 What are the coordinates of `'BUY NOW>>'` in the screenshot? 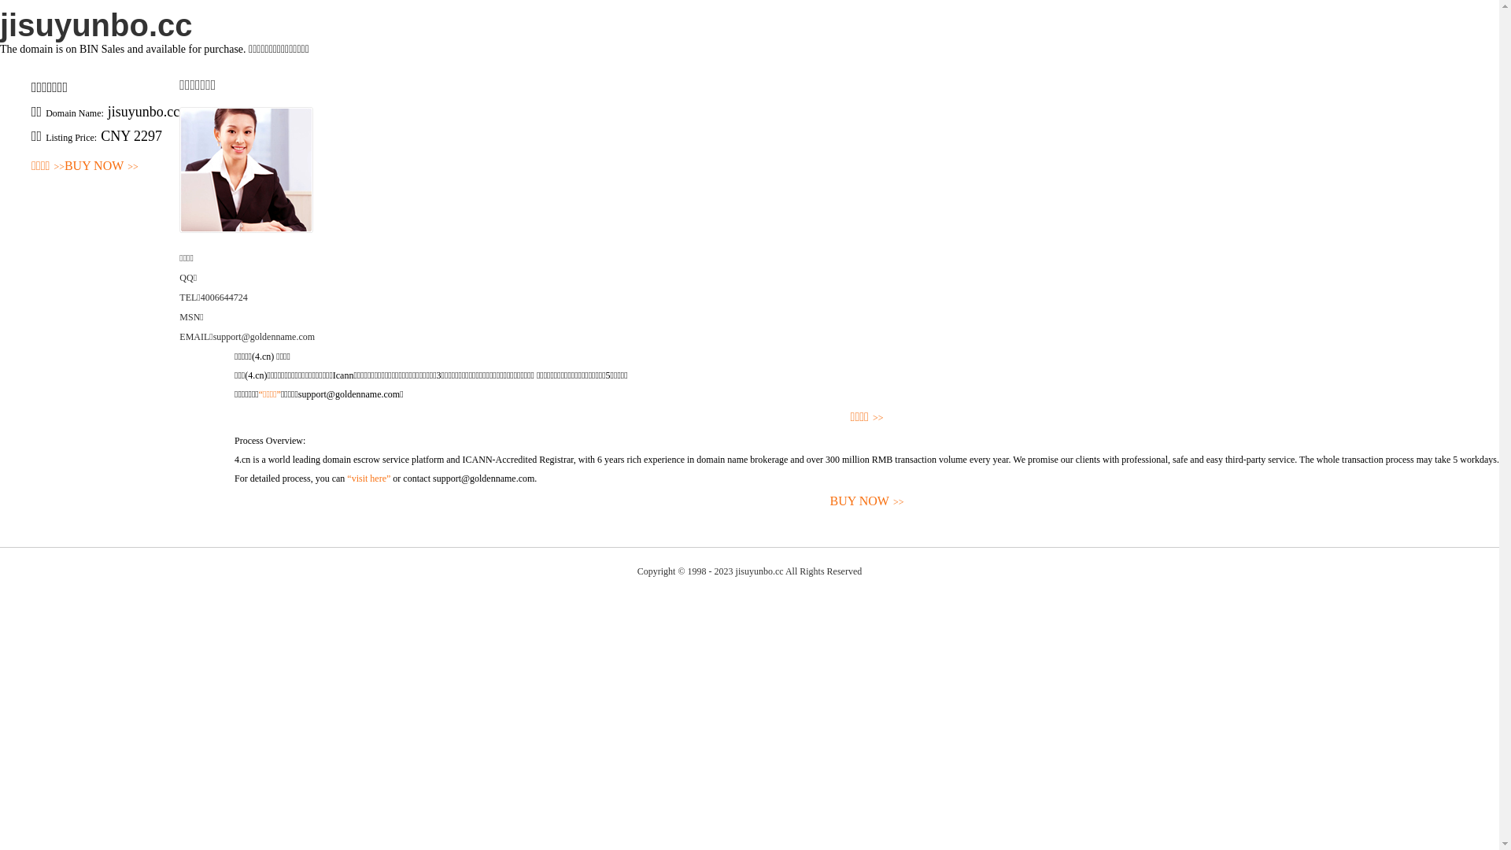 It's located at (101, 166).